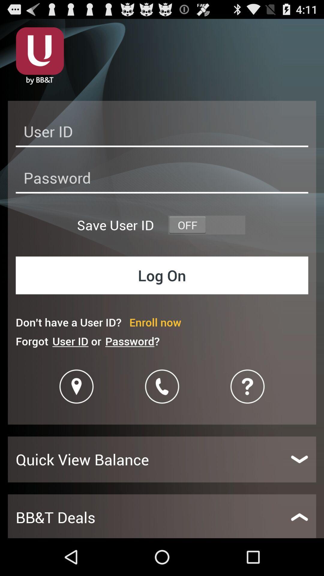 This screenshot has width=324, height=576. What do you see at coordinates (132, 341) in the screenshot?
I see `item next to the user id or icon` at bounding box center [132, 341].